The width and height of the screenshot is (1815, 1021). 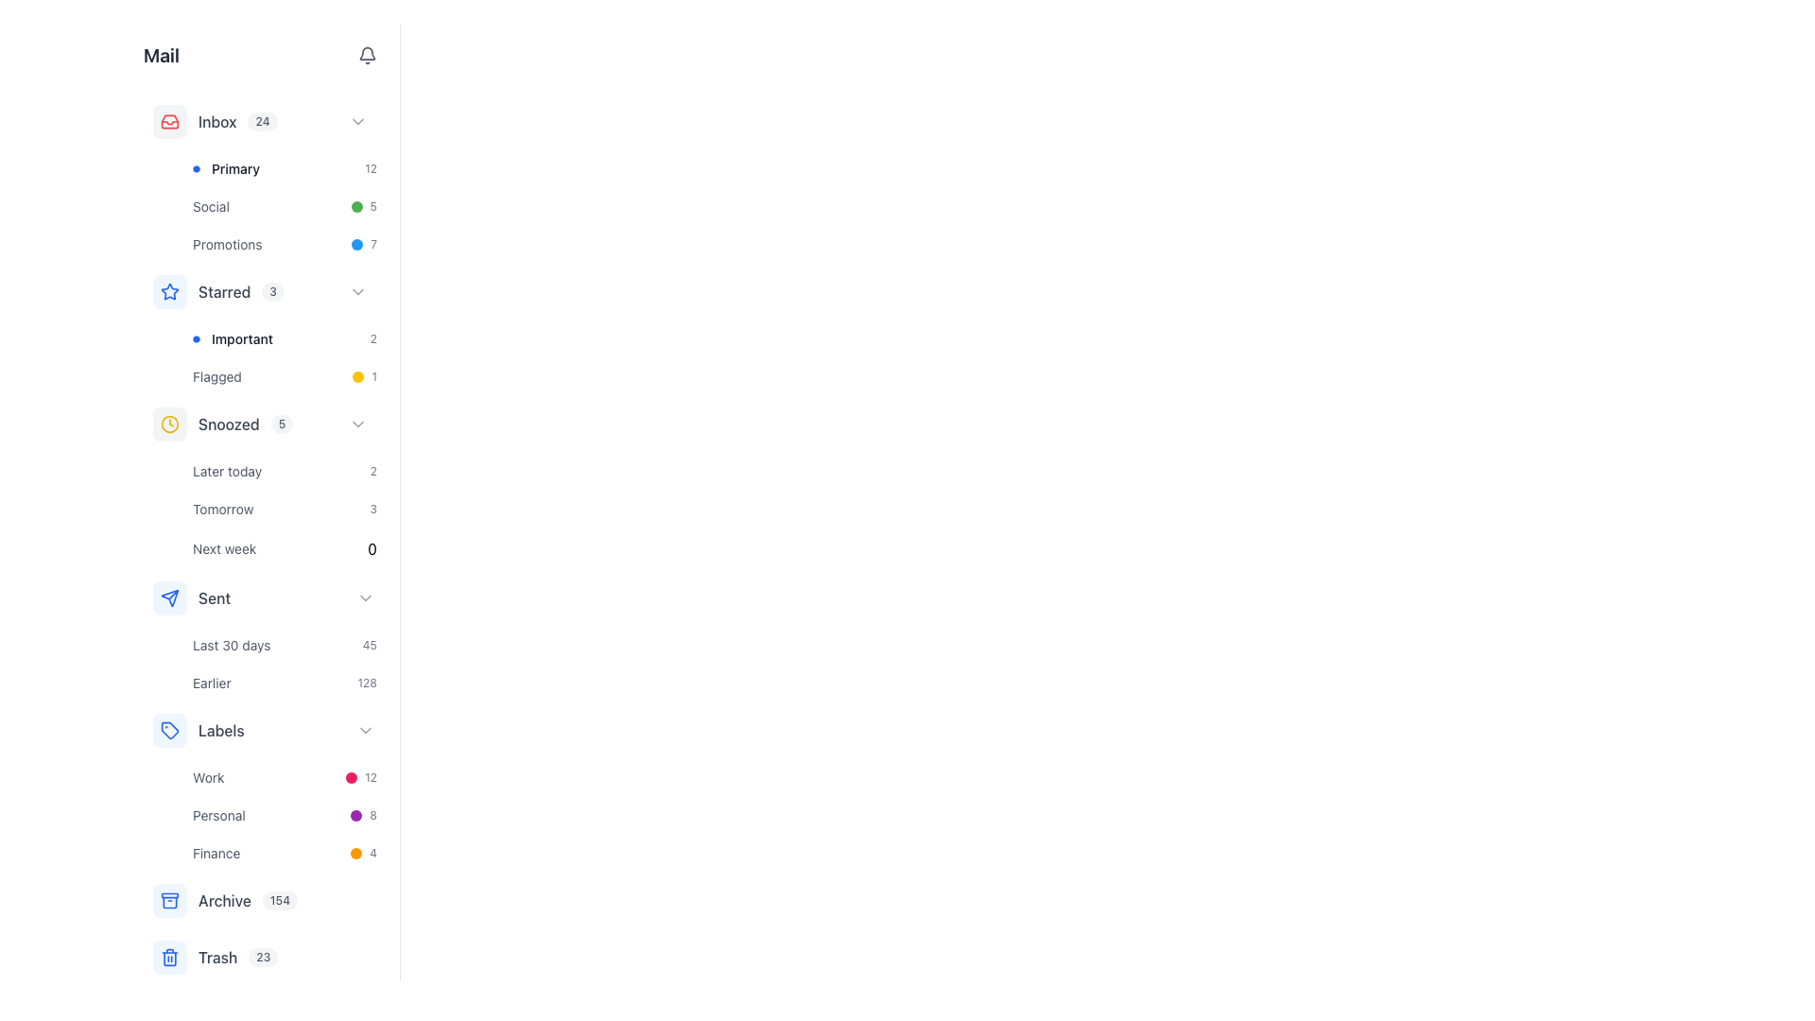 I want to click on the small rounded badge displaying the number '3' next to the 'Starred' label in the vertical navigation menu to interact with the count, so click(x=240, y=291).